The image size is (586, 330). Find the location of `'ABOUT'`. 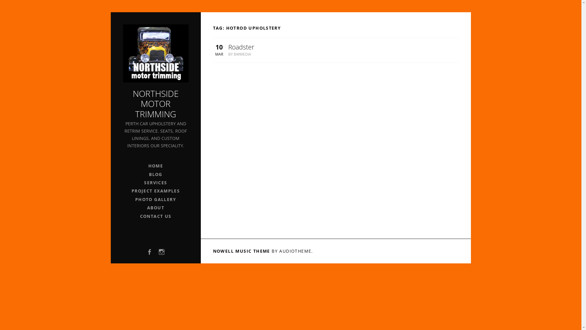

'ABOUT' is located at coordinates (155, 207).